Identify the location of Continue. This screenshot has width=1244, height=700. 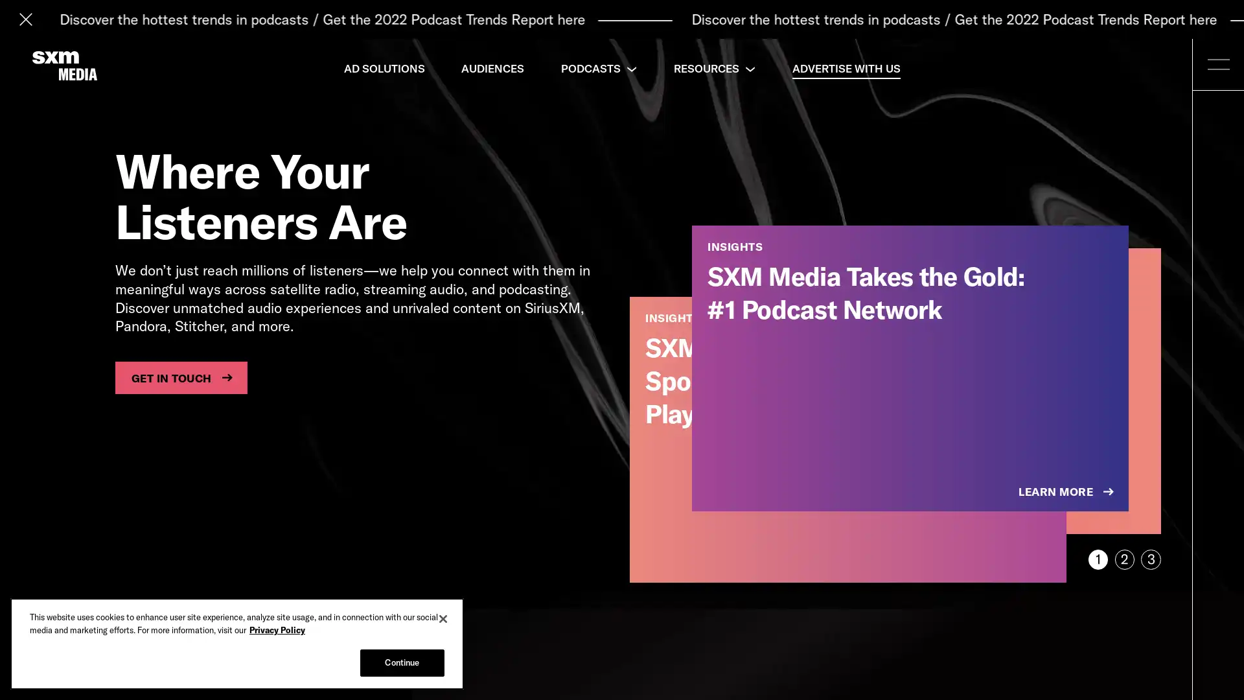
(401, 662).